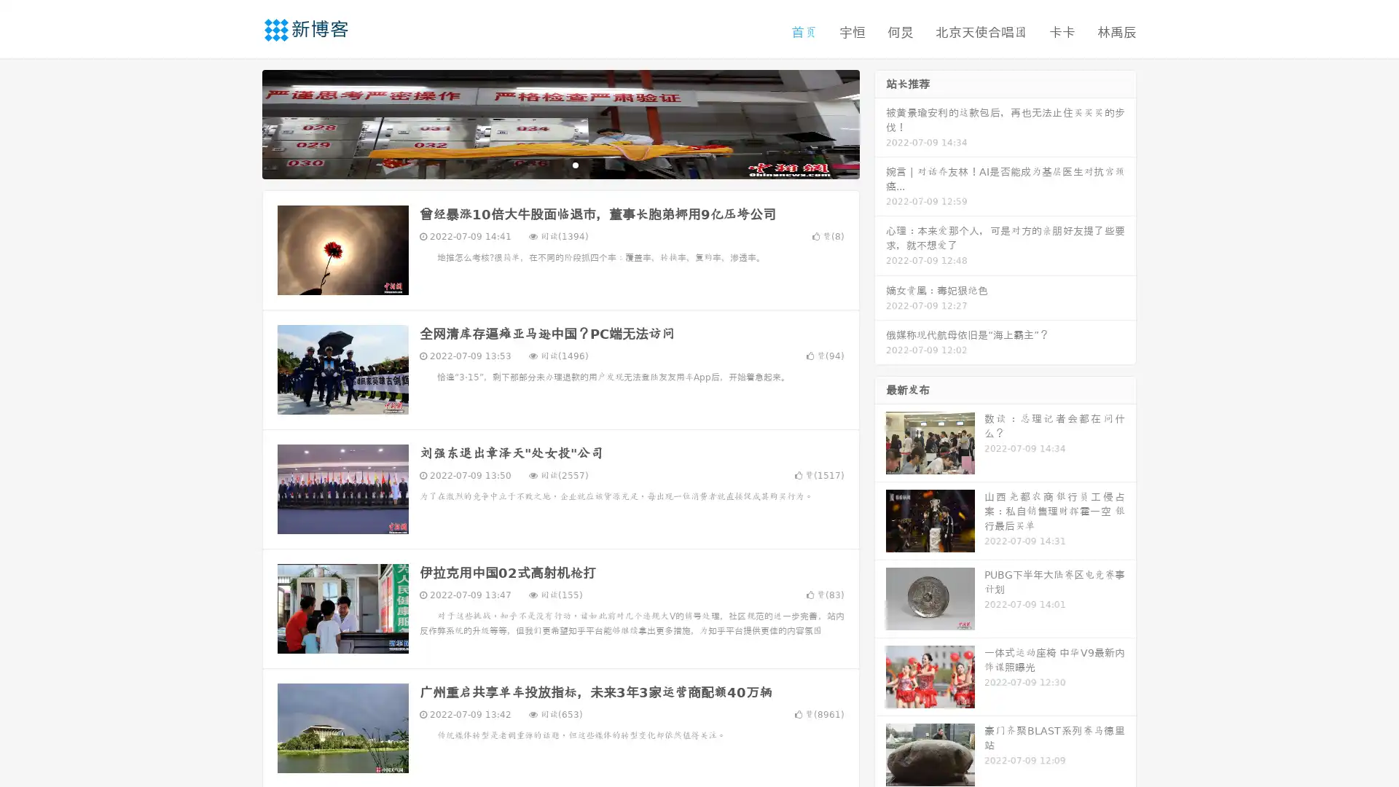  Describe the element at coordinates (880, 122) in the screenshot. I see `Next slide` at that location.